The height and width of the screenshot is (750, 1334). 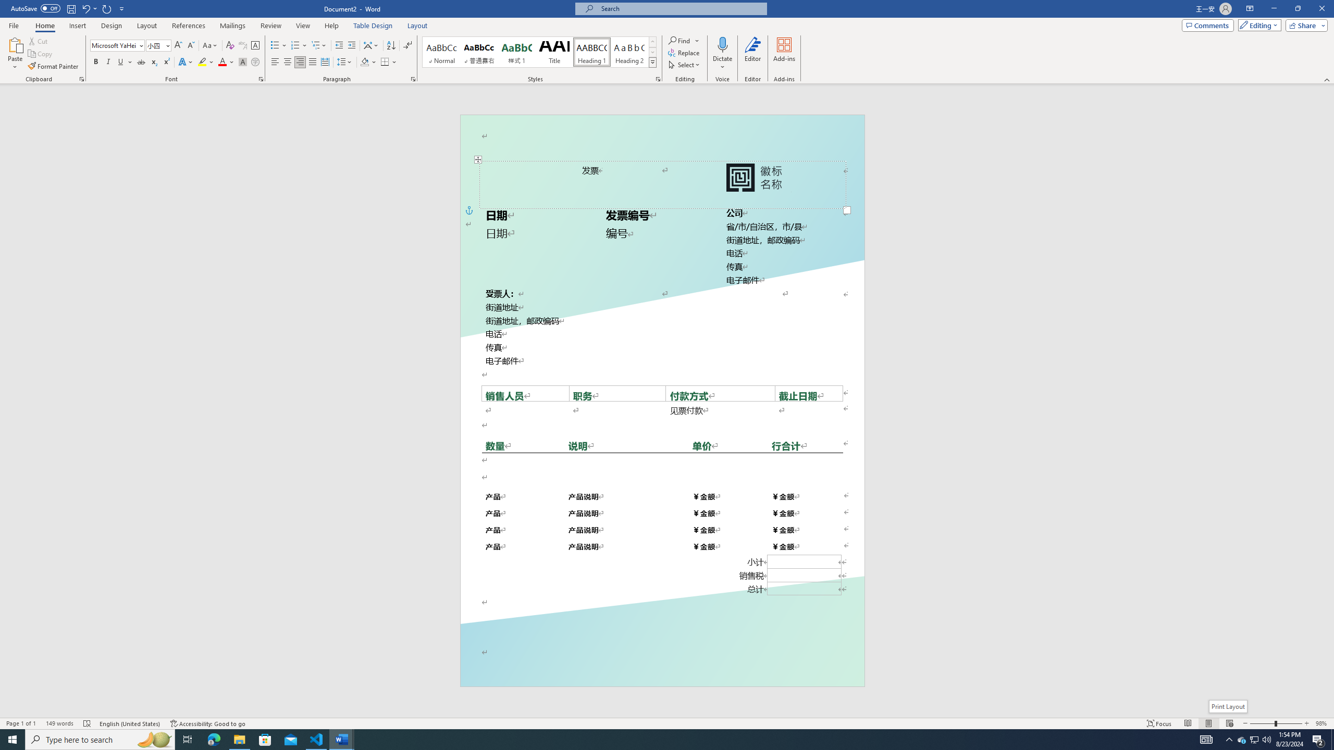 What do you see at coordinates (684, 52) in the screenshot?
I see `'Replace...'` at bounding box center [684, 52].